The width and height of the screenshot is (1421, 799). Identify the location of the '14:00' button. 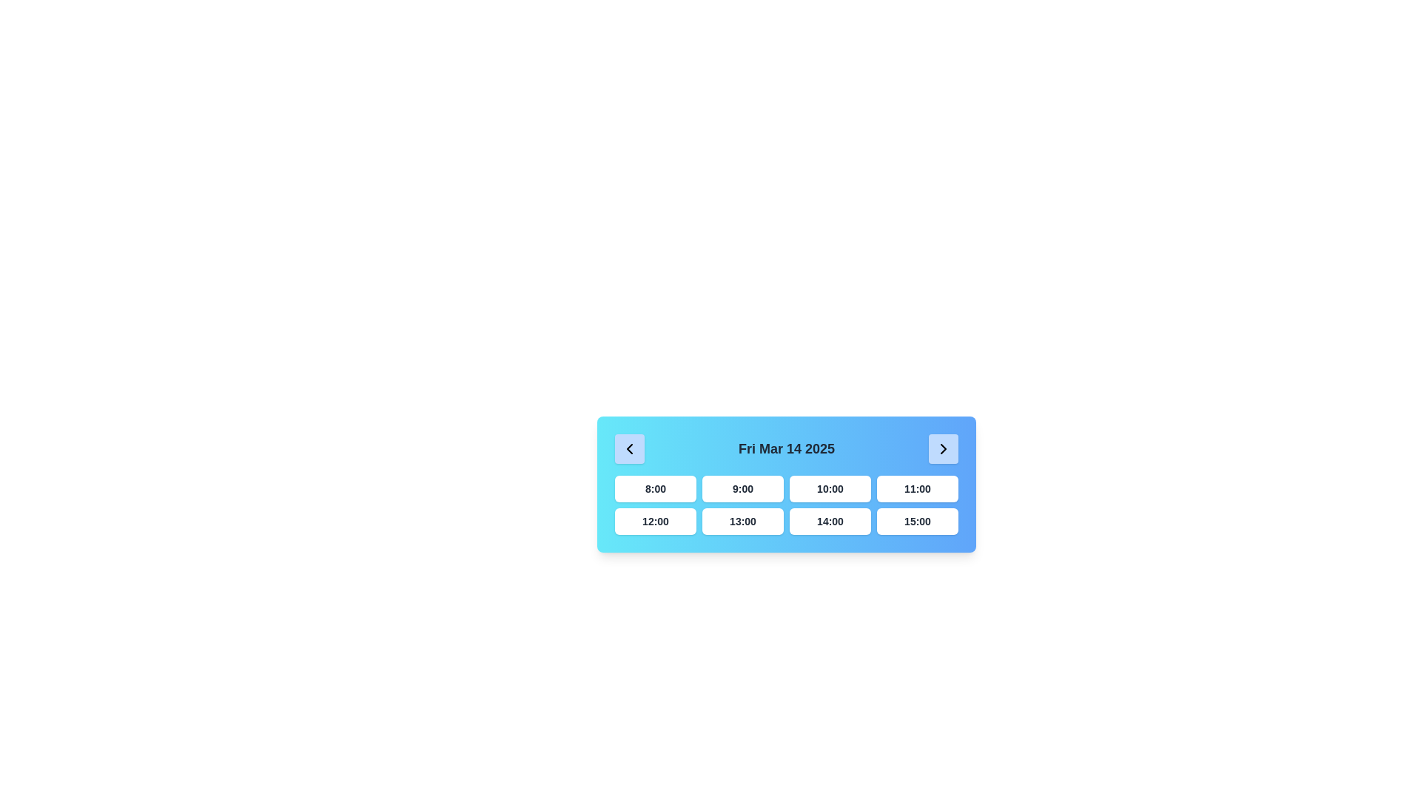
(830, 521).